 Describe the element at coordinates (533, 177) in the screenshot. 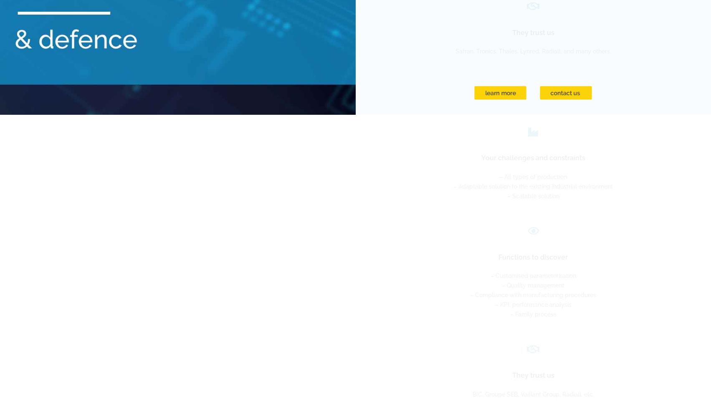

I see `'– All types of production'` at that location.